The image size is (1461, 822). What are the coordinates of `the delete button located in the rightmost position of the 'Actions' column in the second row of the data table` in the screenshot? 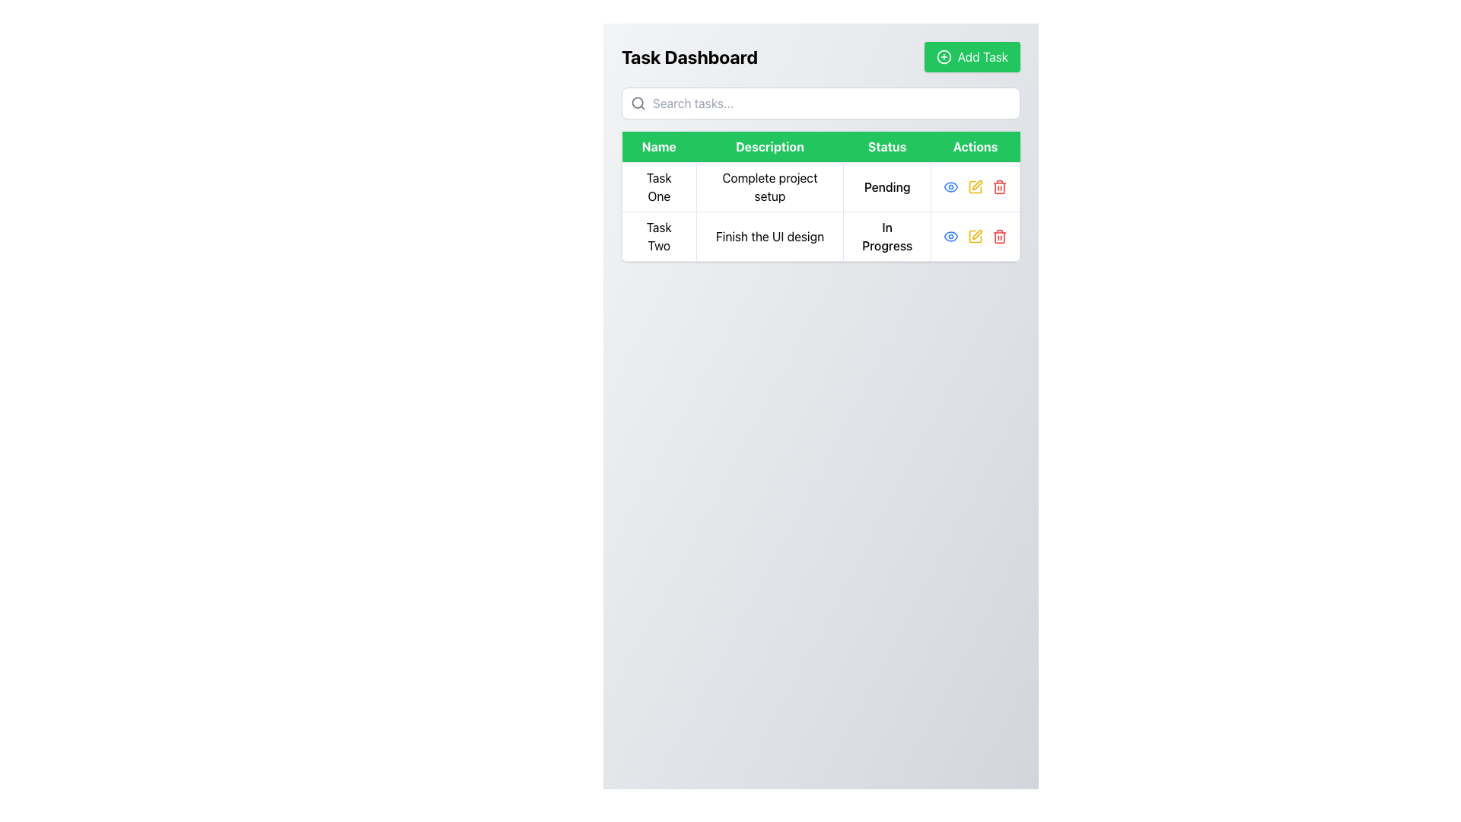 It's located at (1000, 237).